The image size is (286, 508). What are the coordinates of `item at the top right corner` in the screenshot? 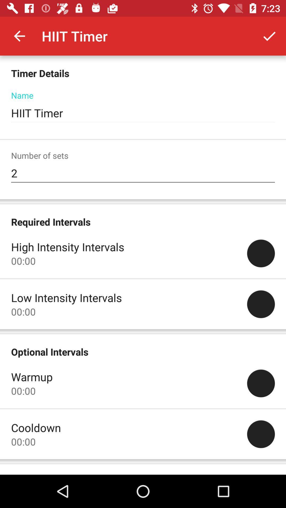 It's located at (269, 36).